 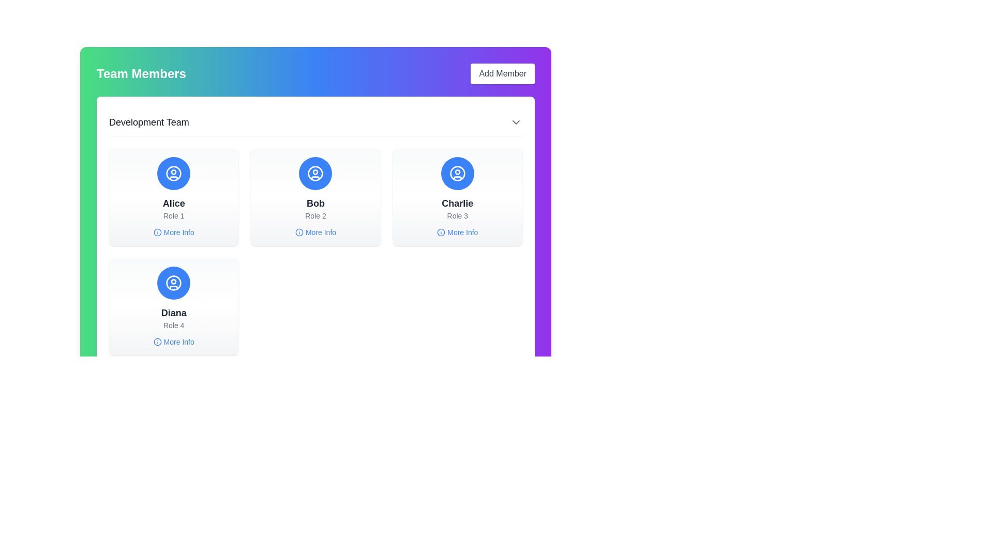 What do you see at coordinates (457, 215) in the screenshot?
I see `the label indicating the role assigned to 'Charlie', located below the 'Charlie' text label and above the 'More Info' button in the second row of the interface` at bounding box center [457, 215].